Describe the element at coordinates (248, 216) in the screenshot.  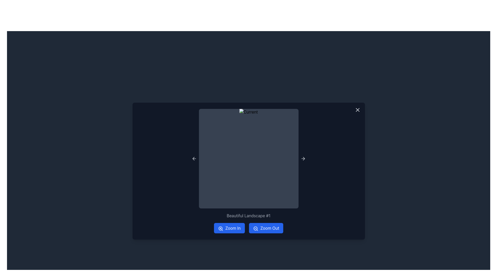
I see `the Text Label located in the lower section of the modal interface, which is directly above the 'Zoom In' and 'Zoom Out' buttons` at that location.